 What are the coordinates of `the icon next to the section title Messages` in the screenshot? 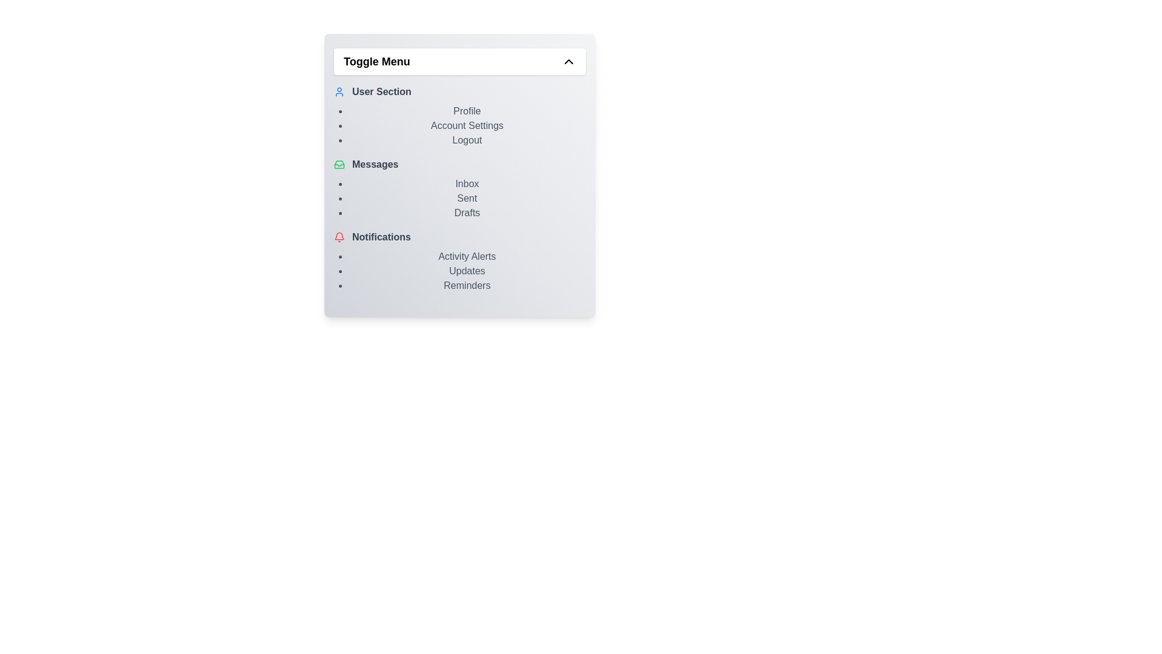 It's located at (339, 165).